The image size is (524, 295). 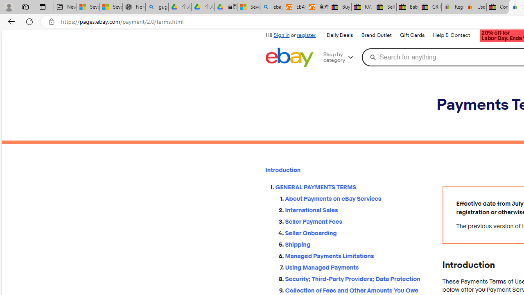 What do you see at coordinates (375, 35) in the screenshot?
I see `'Brand Outlet'` at bounding box center [375, 35].